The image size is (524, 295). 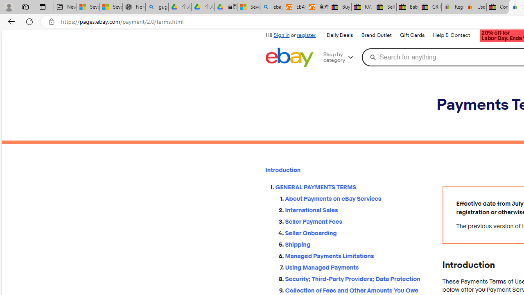 What do you see at coordinates (375, 35) in the screenshot?
I see `'Brand Outlet'` at bounding box center [375, 35].